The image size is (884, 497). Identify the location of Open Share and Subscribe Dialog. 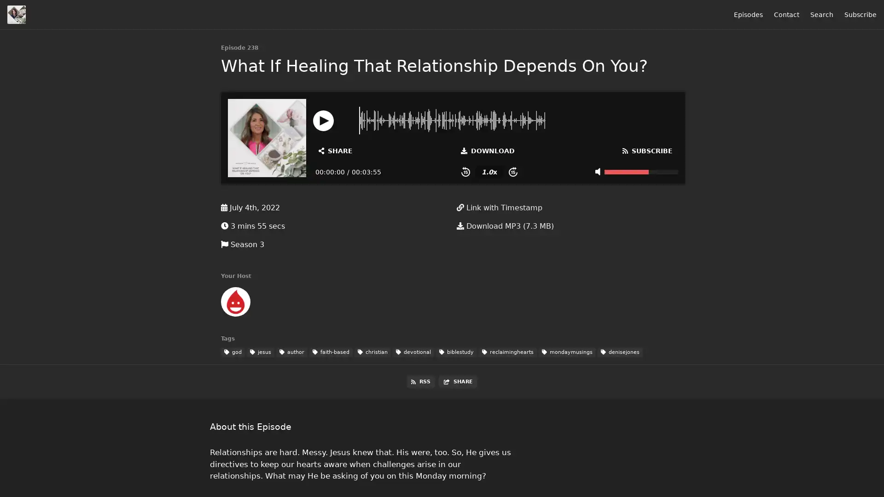
(335, 150).